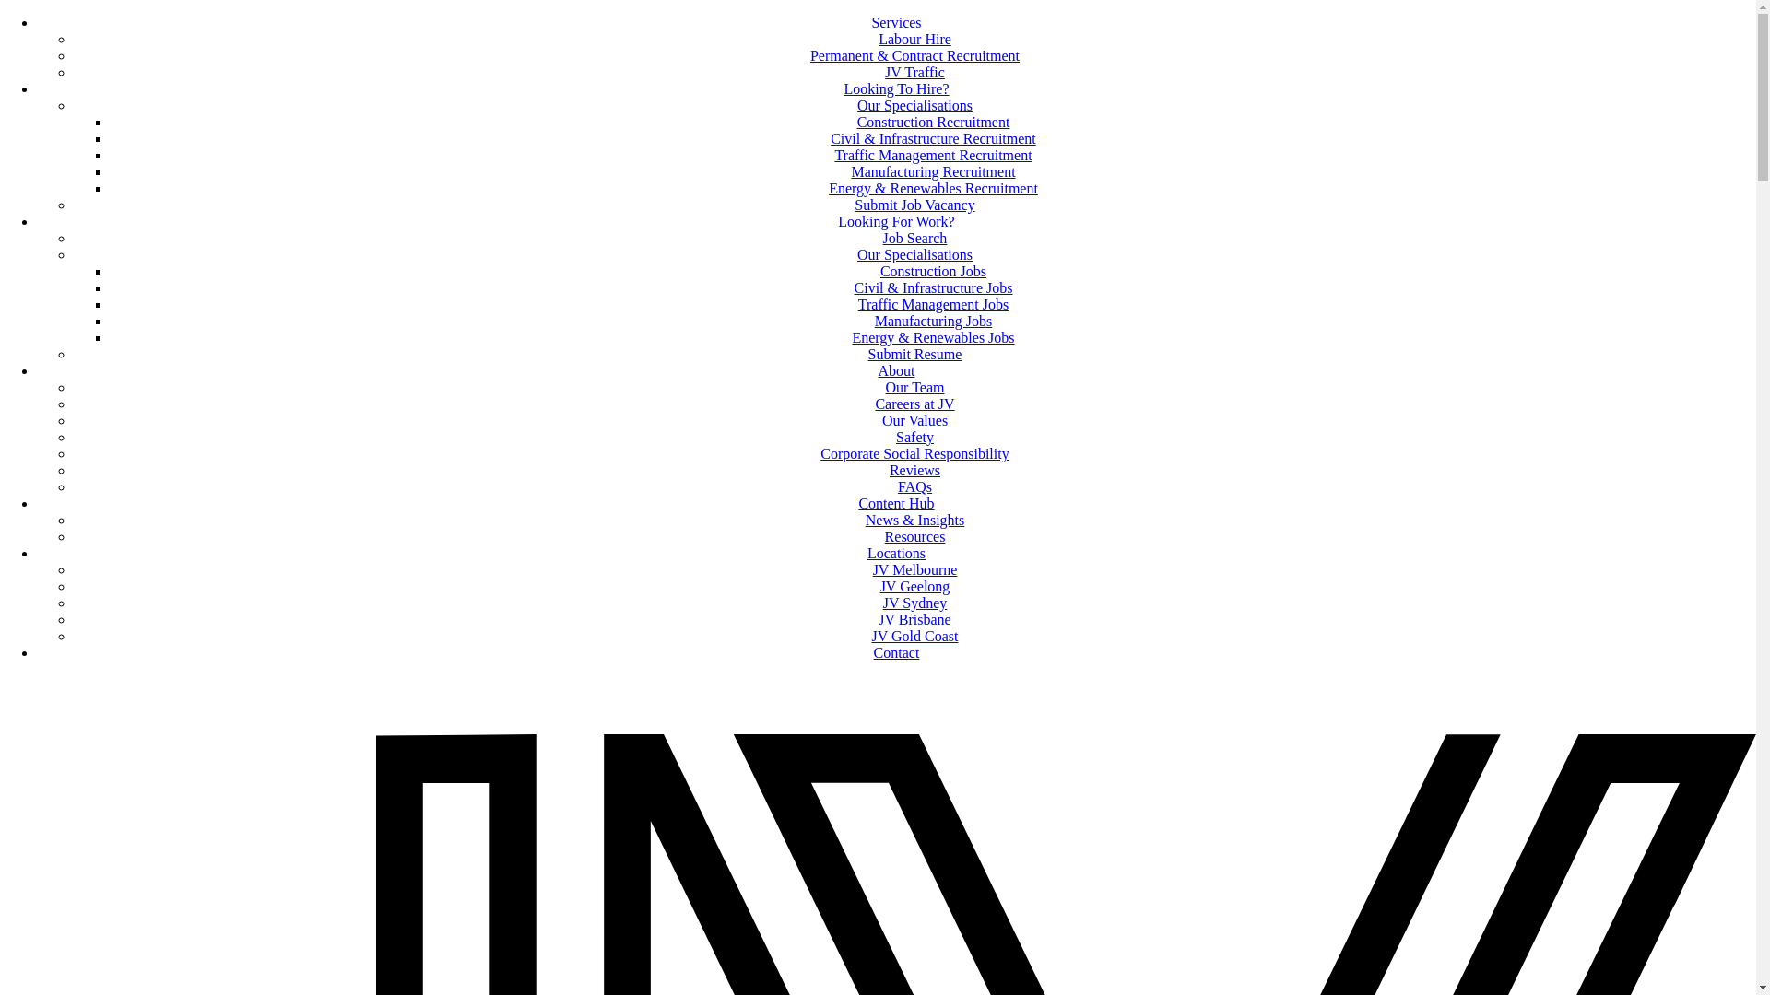 This screenshot has height=995, width=1770. I want to click on 'JV Brisbane', so click(914, 619).